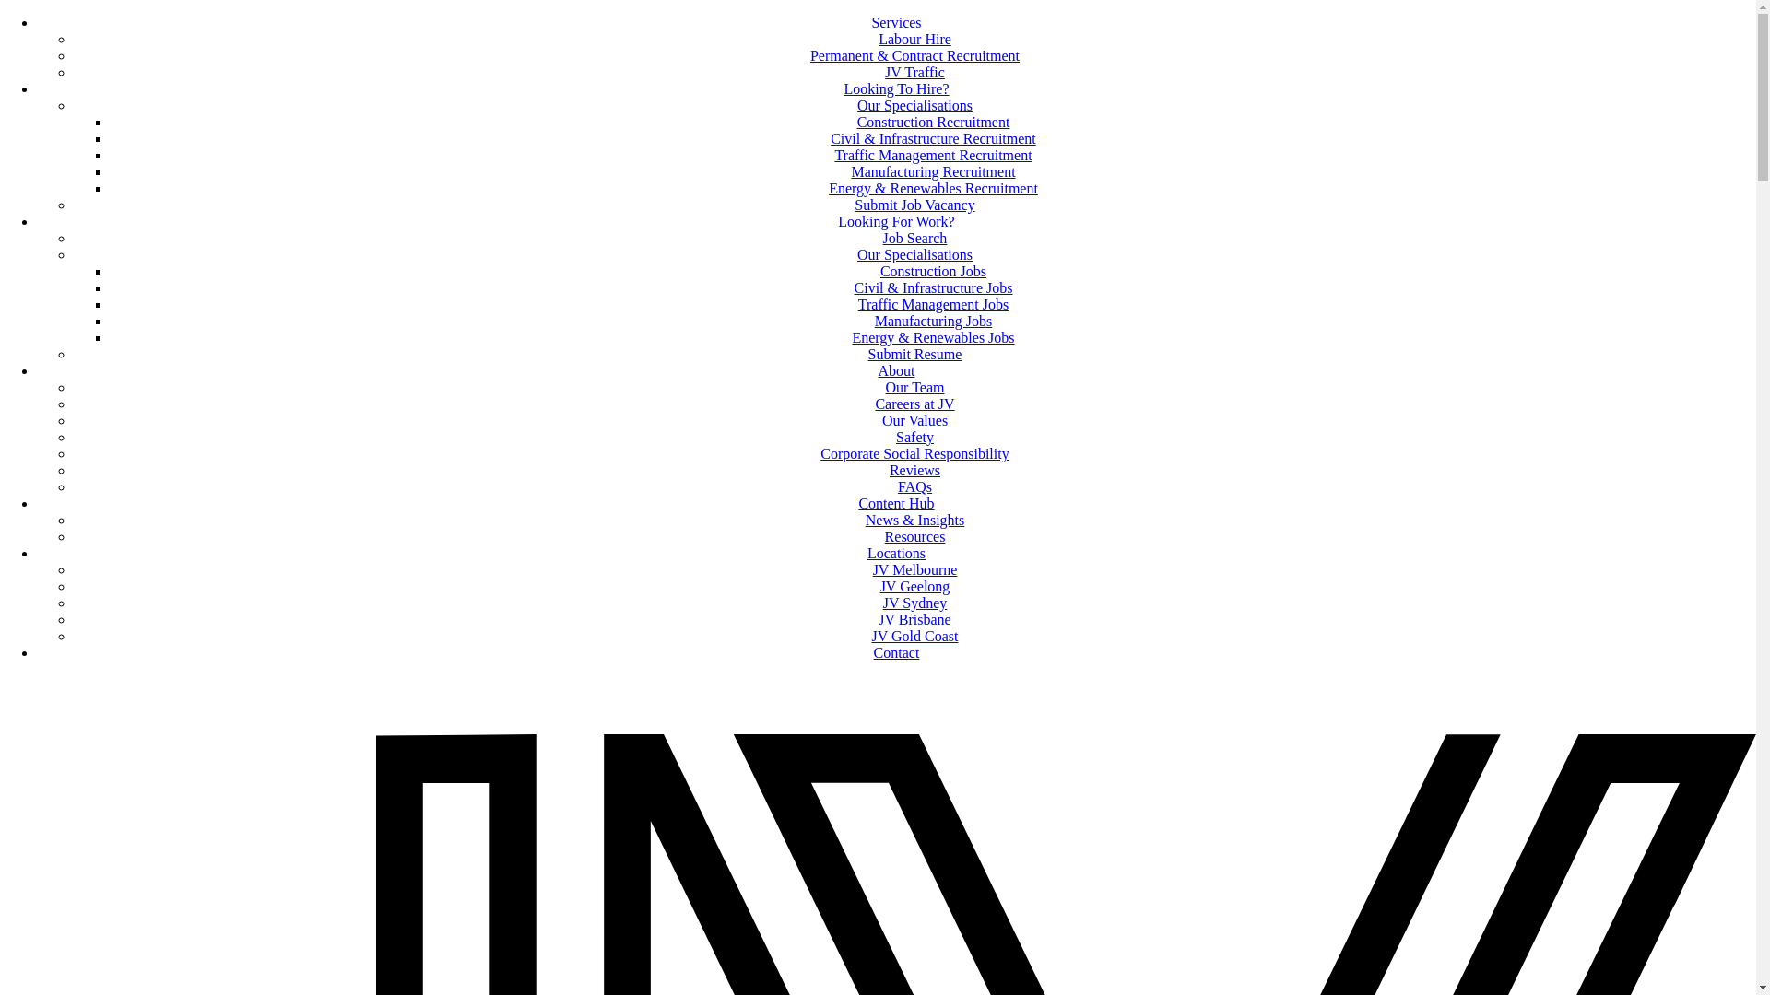 This screenshot has height=995, width=1770. I want to click on 'JV Brisbane', so click(914, 619).